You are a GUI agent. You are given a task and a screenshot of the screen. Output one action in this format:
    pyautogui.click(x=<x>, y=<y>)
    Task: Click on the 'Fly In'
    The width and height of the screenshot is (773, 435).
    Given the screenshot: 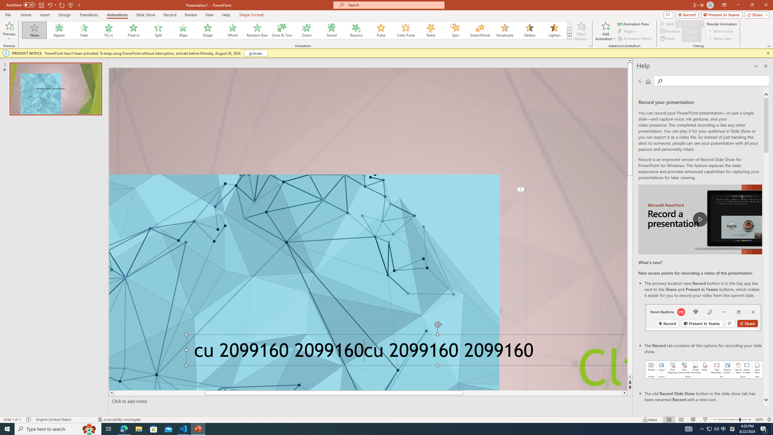 What is the action you would take?
    pyautogui.click(x=108, y=30)
    